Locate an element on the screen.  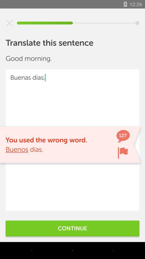
report error is located at coordinates (123, 153).